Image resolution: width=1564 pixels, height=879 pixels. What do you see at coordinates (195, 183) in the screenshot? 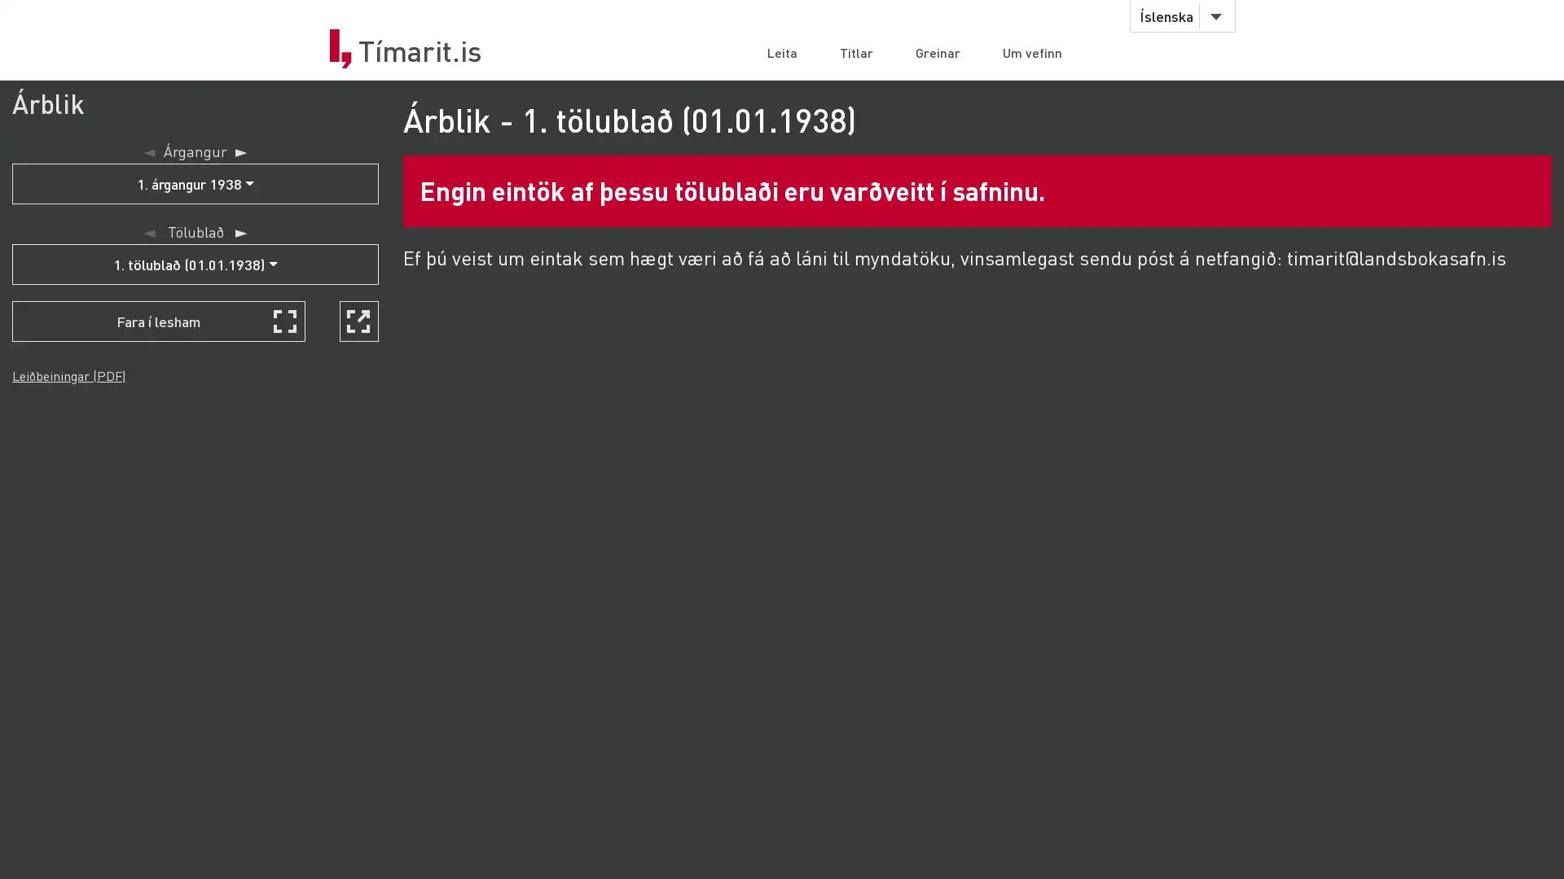
I see `1. argangur 1938` at bounding box center [195, 183].